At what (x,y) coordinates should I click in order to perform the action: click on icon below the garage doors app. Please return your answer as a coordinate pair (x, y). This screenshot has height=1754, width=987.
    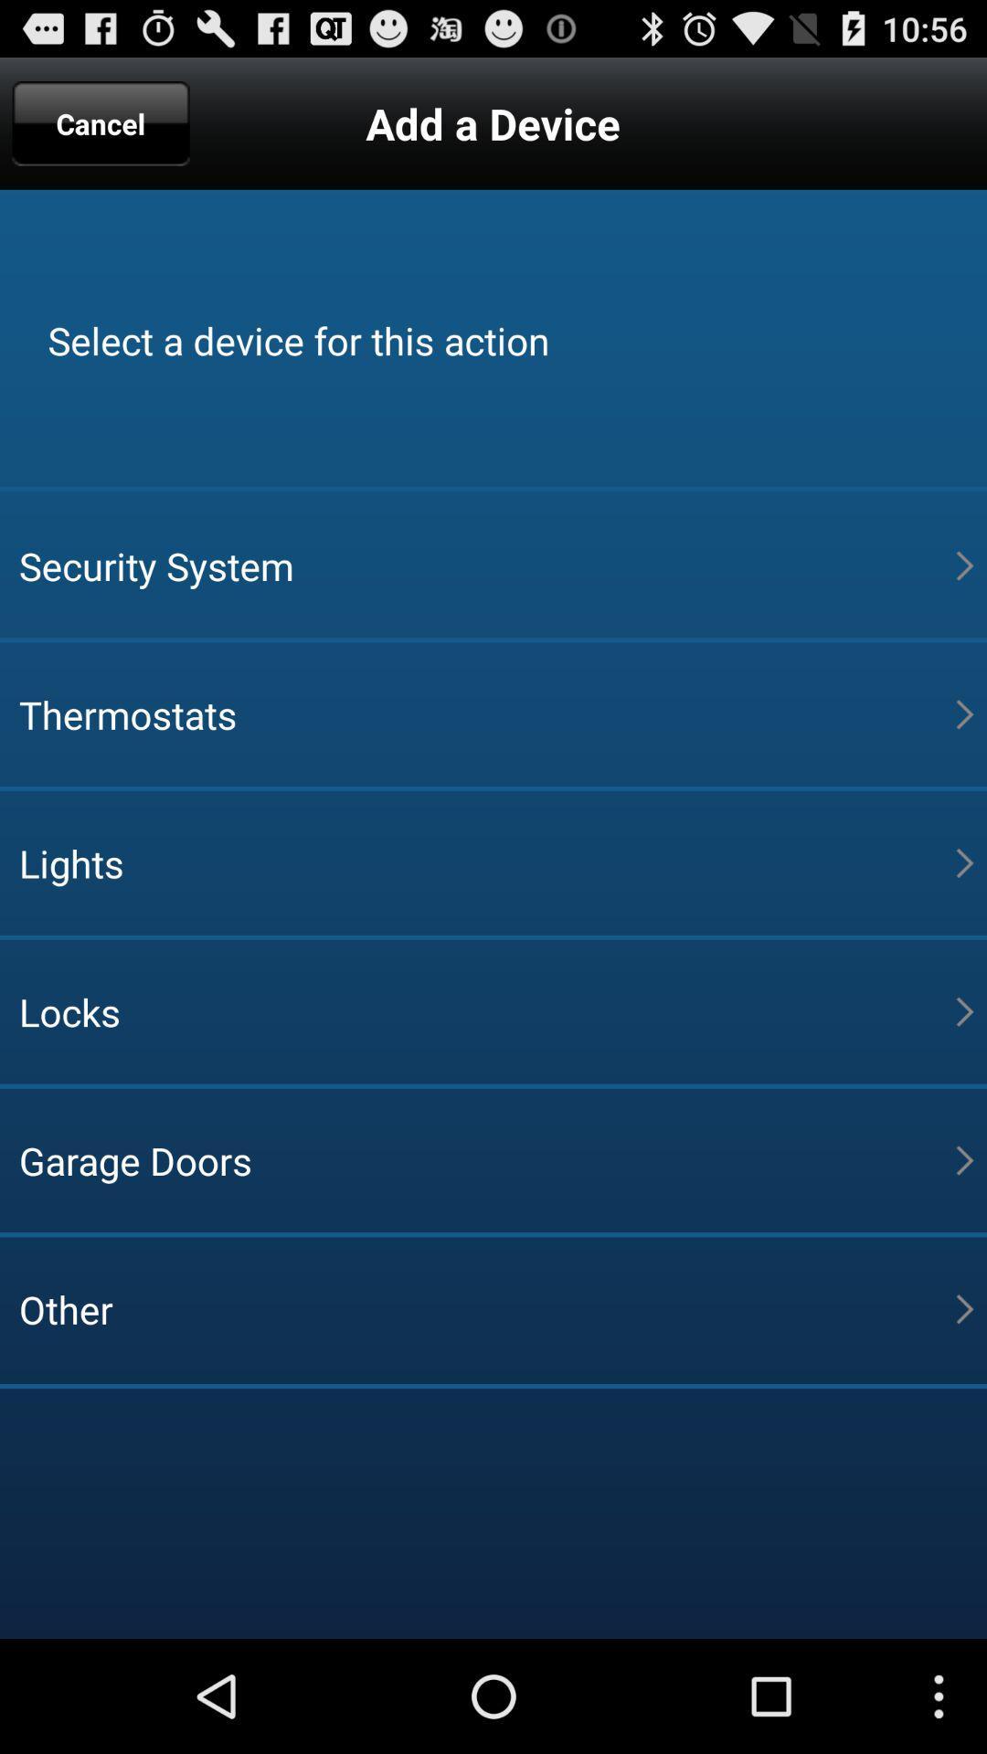
    Looking at the image, I should click on (486, 1308).